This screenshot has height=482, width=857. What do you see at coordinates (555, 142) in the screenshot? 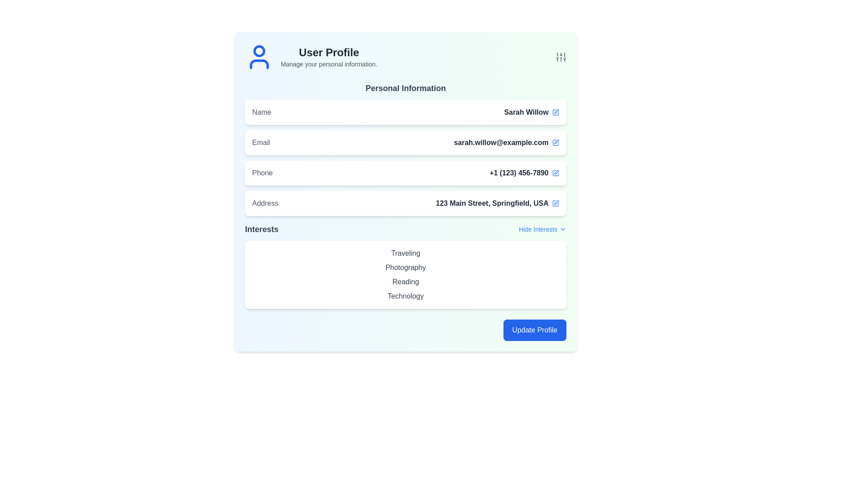
I see `the blue pen icon adjacent to the email text 'sarah.willow@example.com' to initiate the editing of the email address` at bounding box center [555, 142].